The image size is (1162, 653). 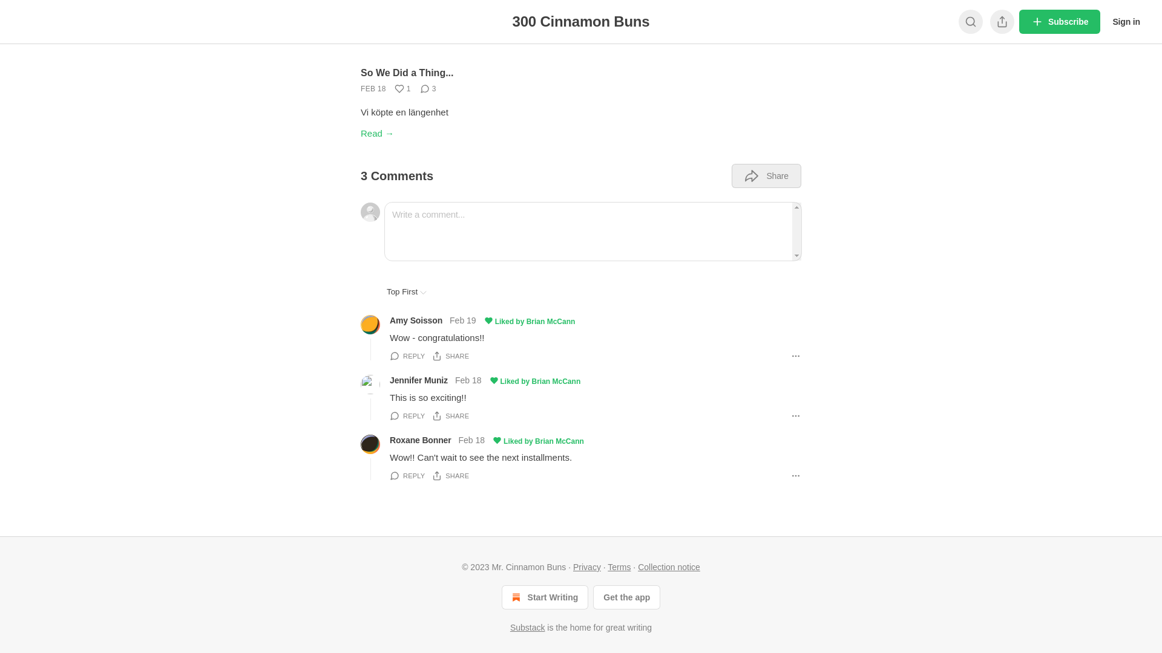 What do you see at coordinates (1126, 21) in the screenshot?
I see `'Sign in'` at bounding box center [1126, 21].